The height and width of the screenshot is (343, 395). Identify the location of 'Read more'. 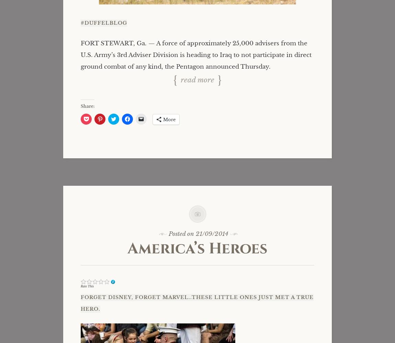
(197, 80).